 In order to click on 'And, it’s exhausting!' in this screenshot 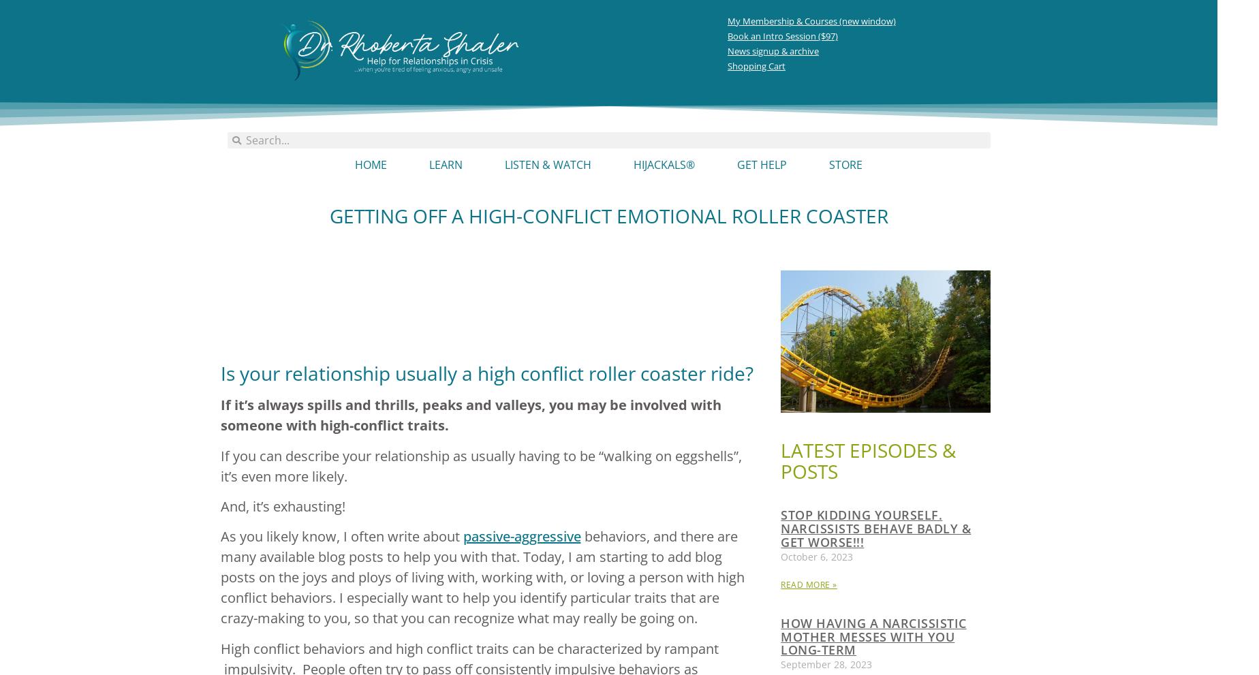, I will do `click(282, 505)`.